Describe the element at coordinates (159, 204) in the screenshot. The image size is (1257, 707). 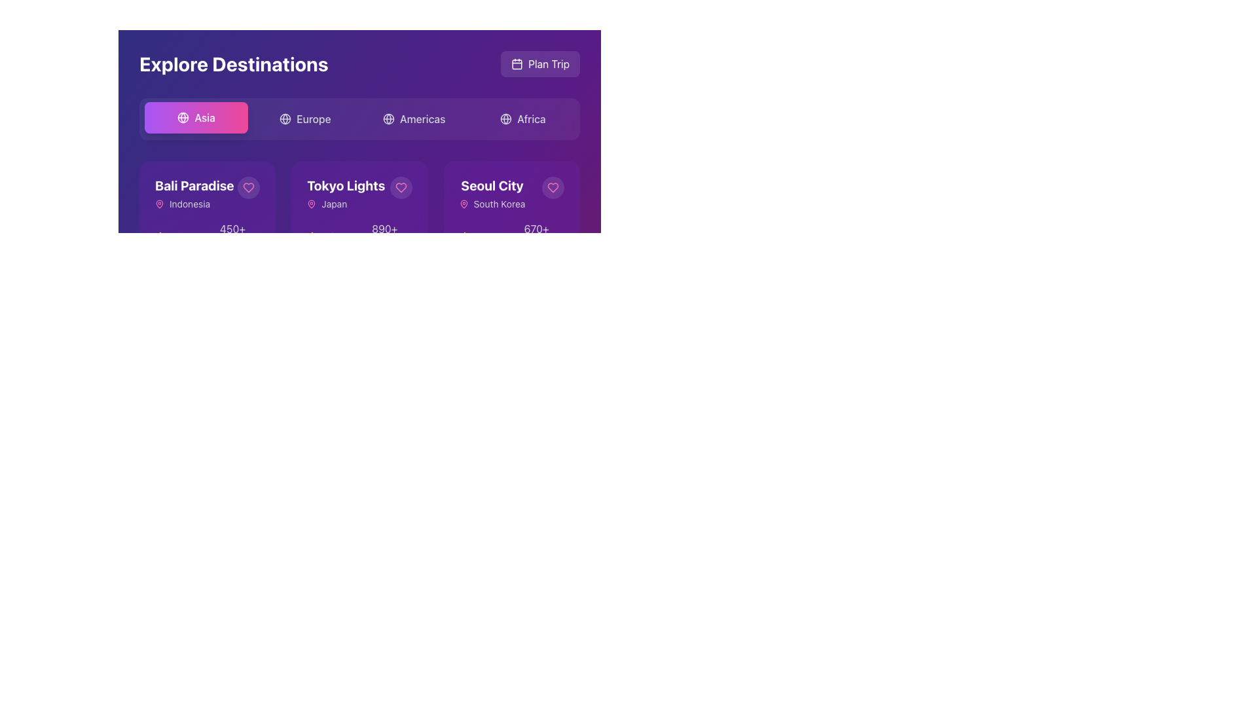
I see `the SVG graphic representing a location pin next to the 'Indonesia' label in the 'Bali Paradise' card in the top-left of the grid layout` at that location.